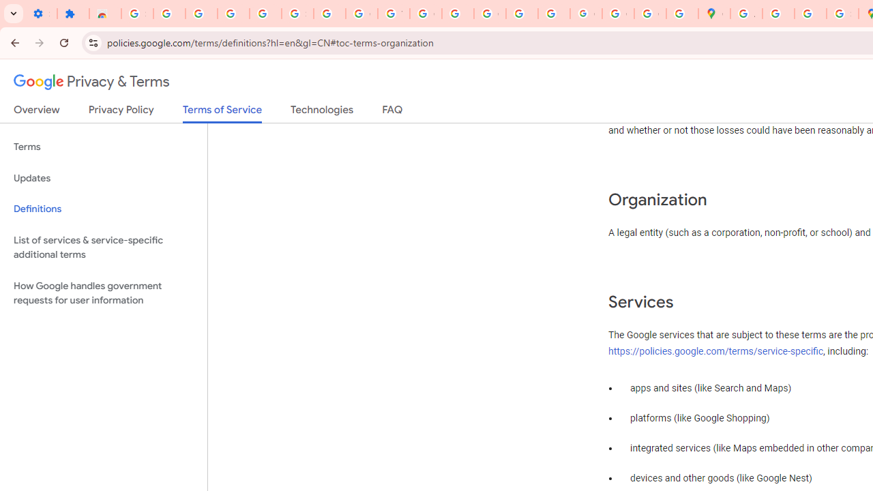 The height and width of the screenshot is (491, 873). I want to click on 'Terms of Service', so click(222, 113).